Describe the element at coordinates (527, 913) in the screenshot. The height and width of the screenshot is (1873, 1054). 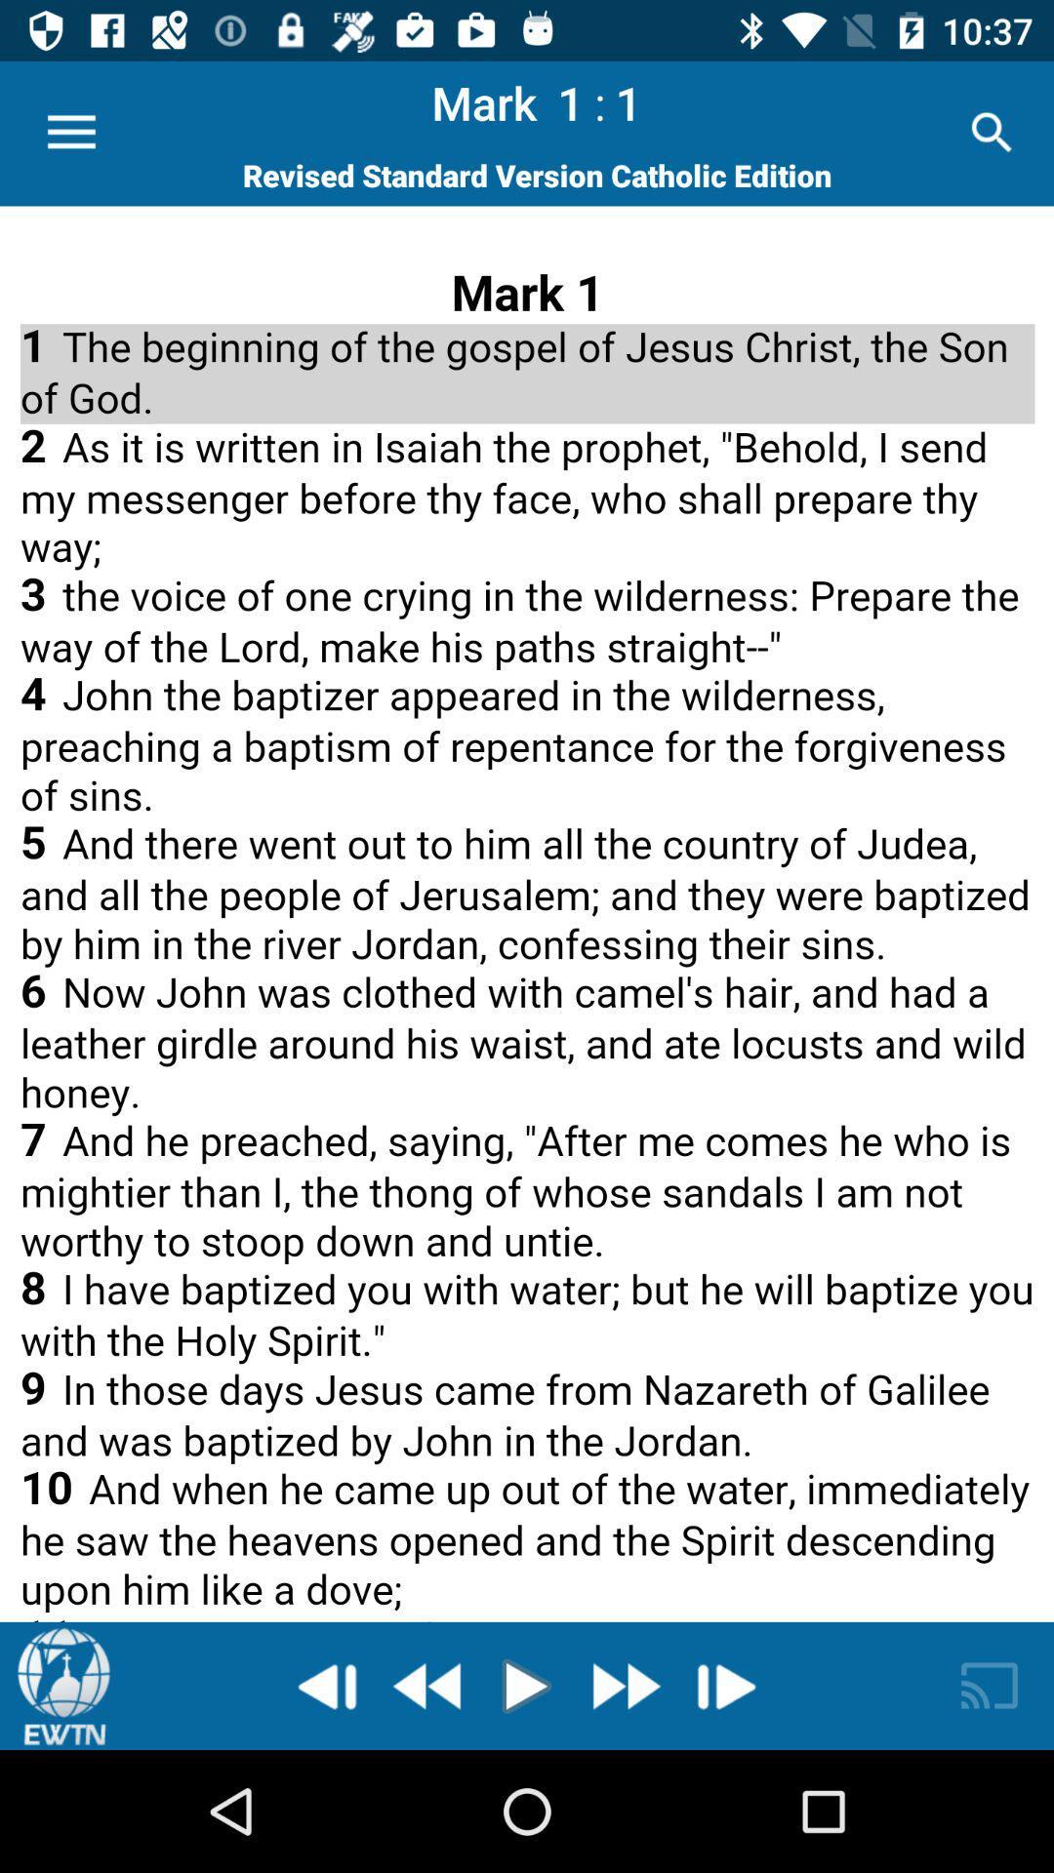
I see `advertisement` at that location.